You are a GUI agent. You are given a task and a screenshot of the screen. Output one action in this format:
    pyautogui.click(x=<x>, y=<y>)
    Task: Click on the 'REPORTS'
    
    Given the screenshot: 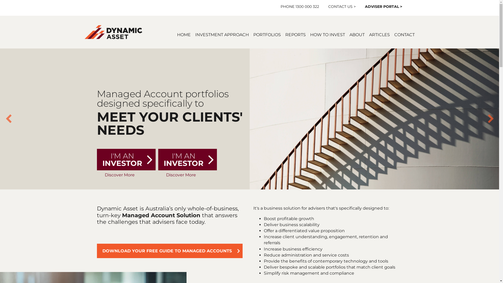 What is the action you would take?
    pyautogui.click(x=295, y=35)
    